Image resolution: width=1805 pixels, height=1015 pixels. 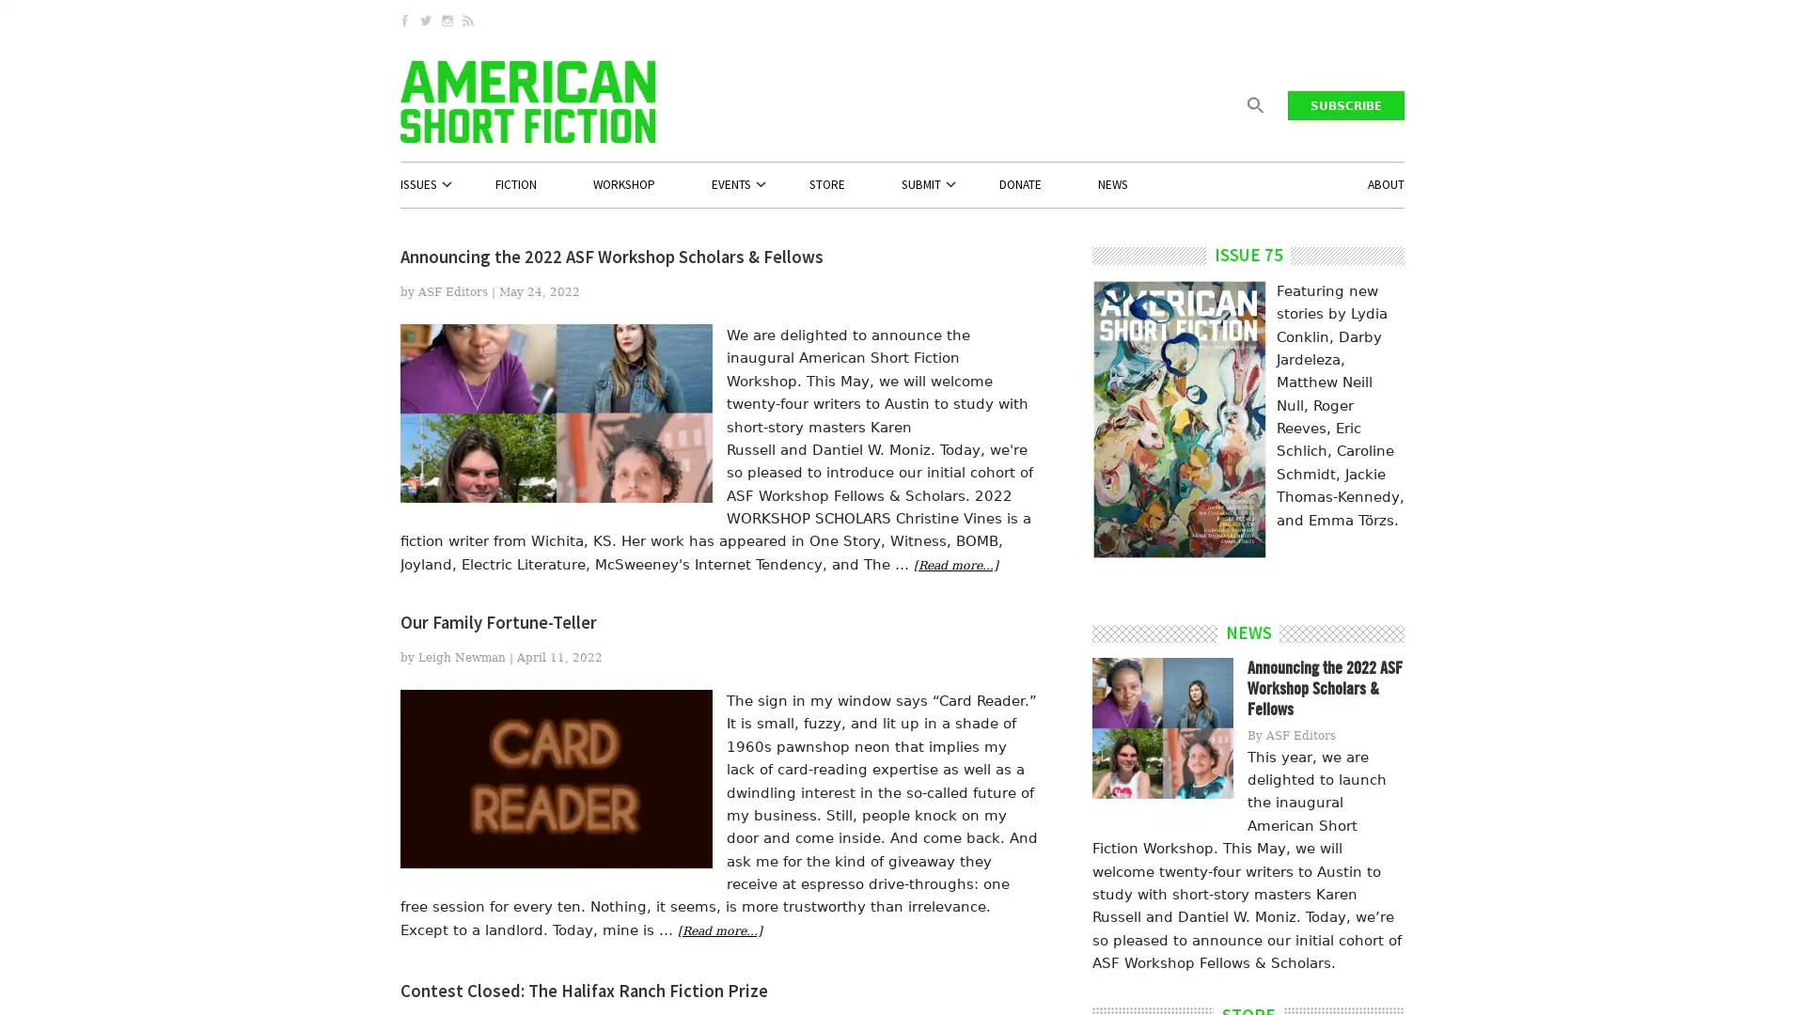 What do you see at coordinates (780, 184) in the screenshot?
I see `SUBMENU` at bounding box center [780, 184].